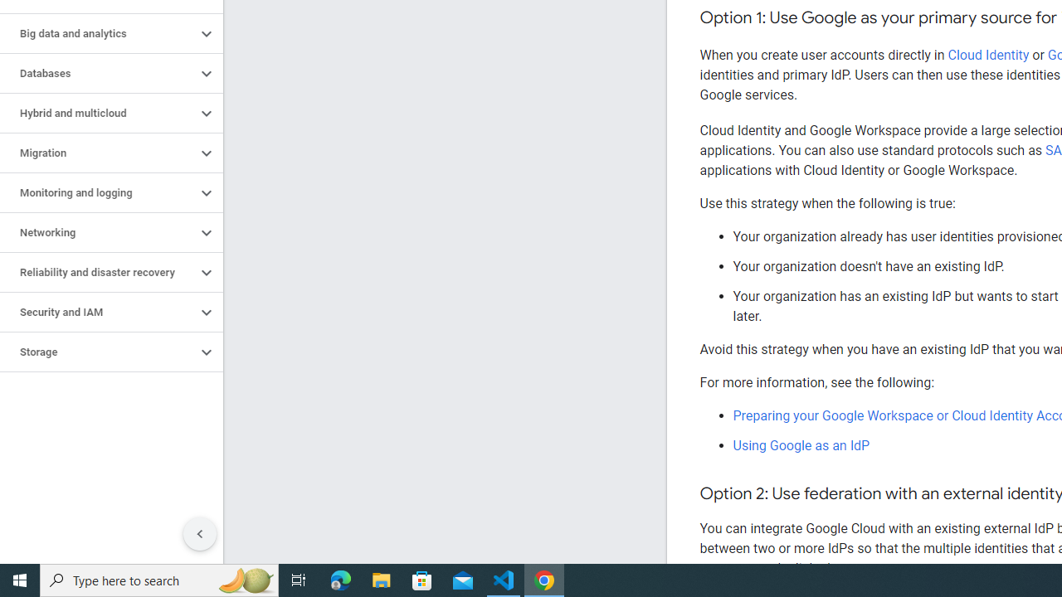  What do you see at coordinates (801, 444) in the screenshot?
I see `'Using Google as an IdP'` at bounding box center [801, 444].